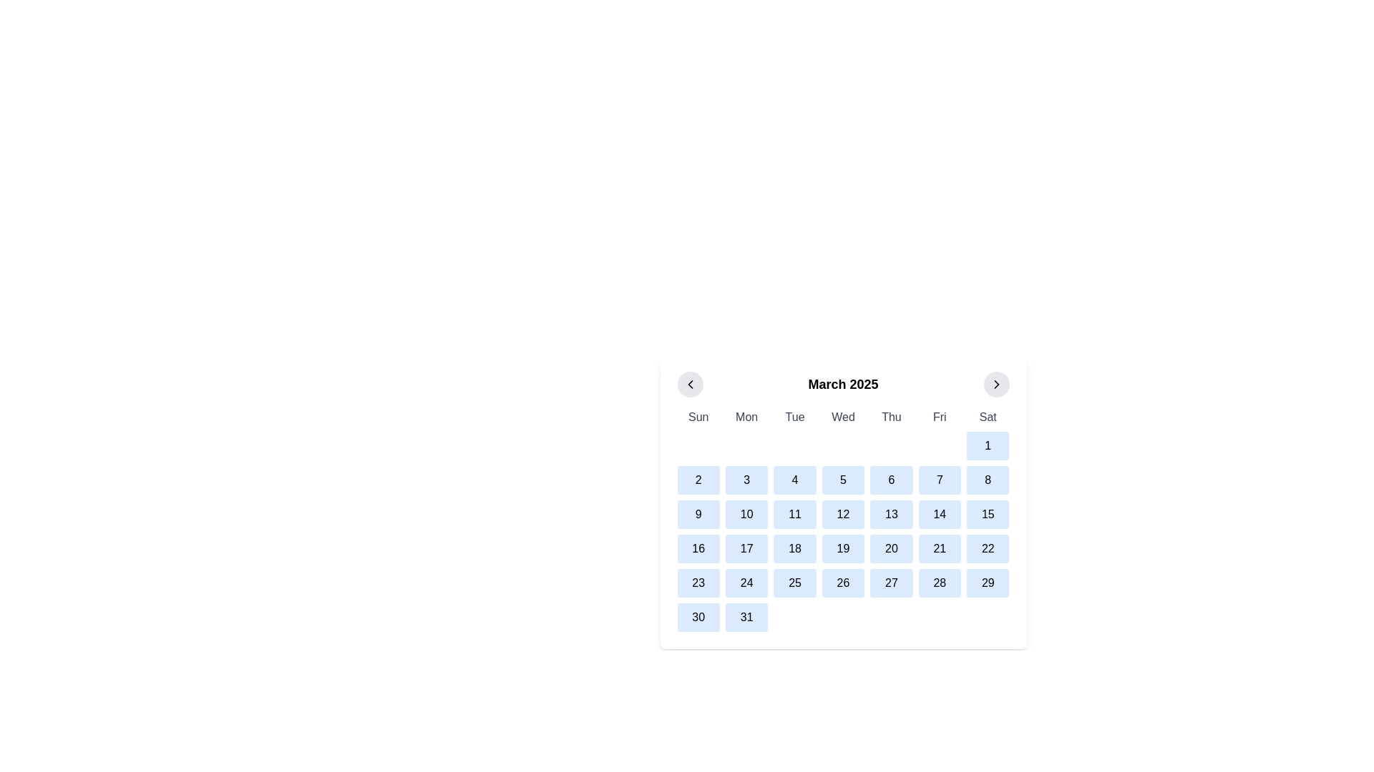  Describe the element at coordinates (746, 617) in the screenshot. I see `the button displaying the number '31' in bold black text, located in the bottom-right corner of the calendar grid under the 'Sat' column` at that location.